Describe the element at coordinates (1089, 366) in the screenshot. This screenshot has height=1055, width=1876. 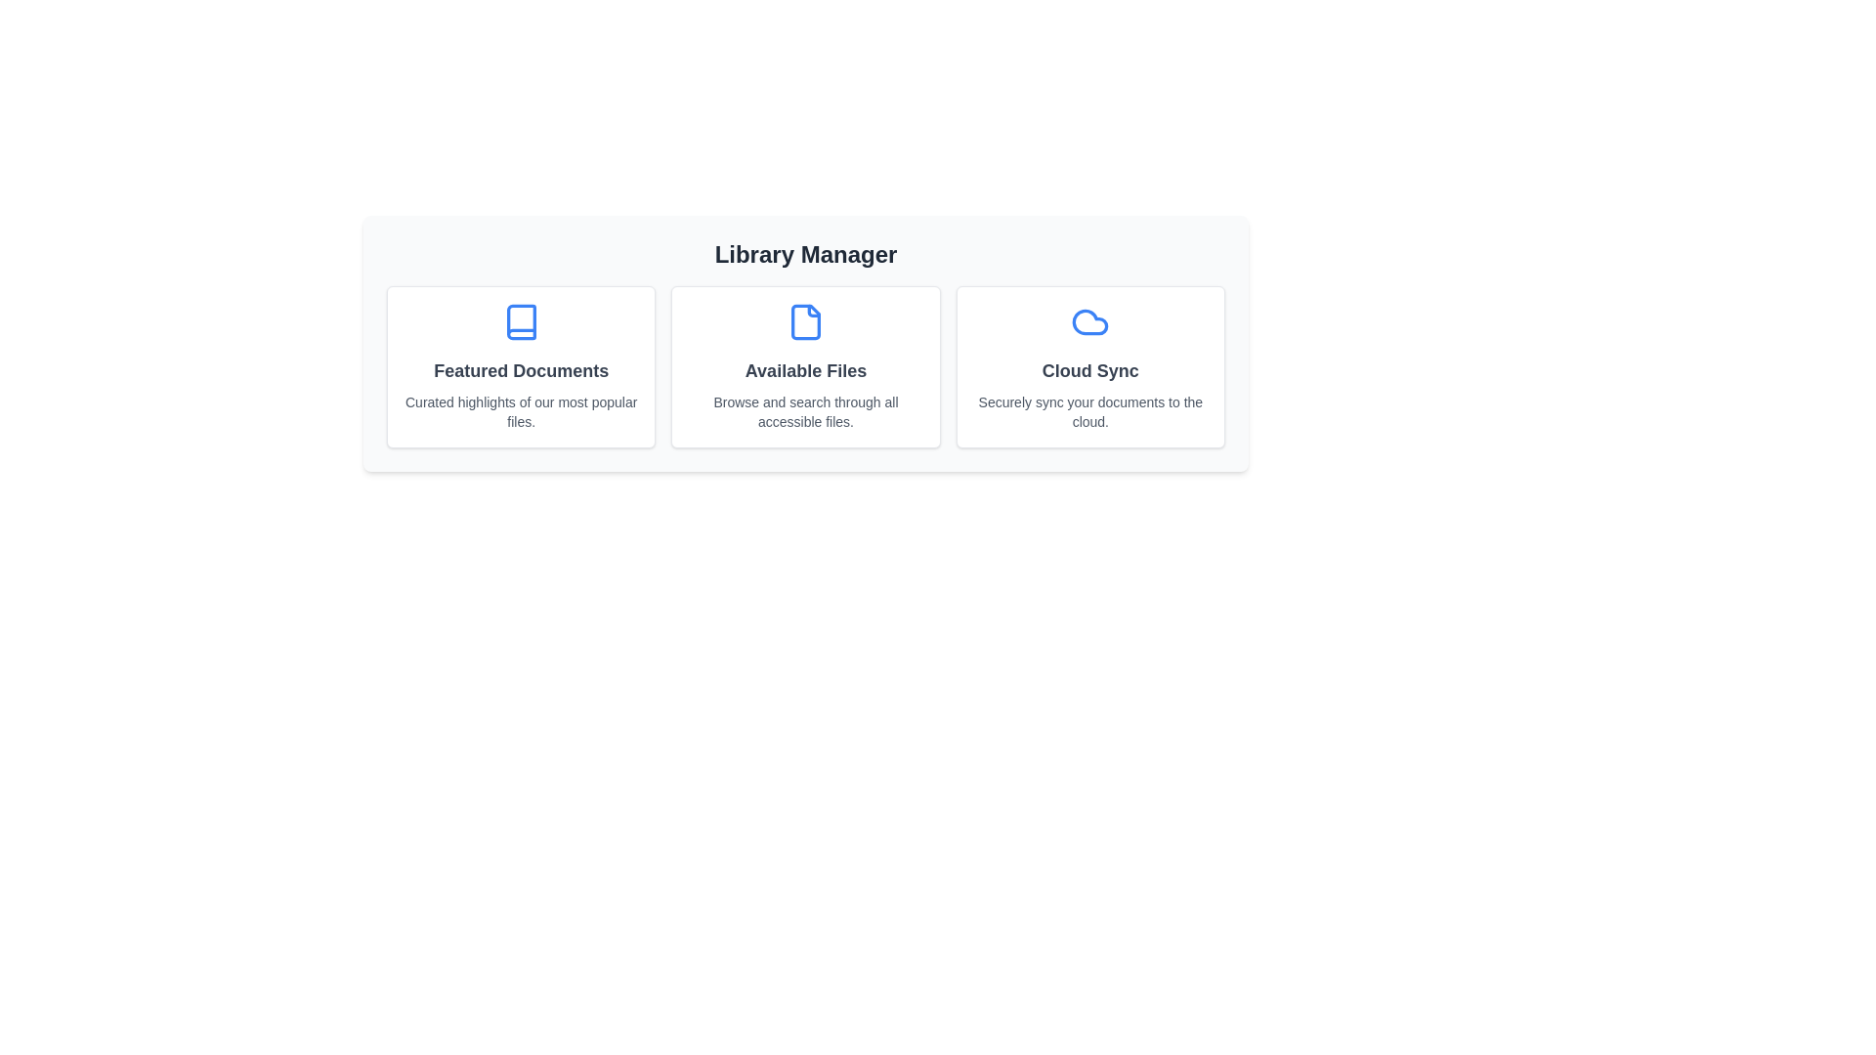
I see `the Cloud Sync section card to explore its details` at that location.